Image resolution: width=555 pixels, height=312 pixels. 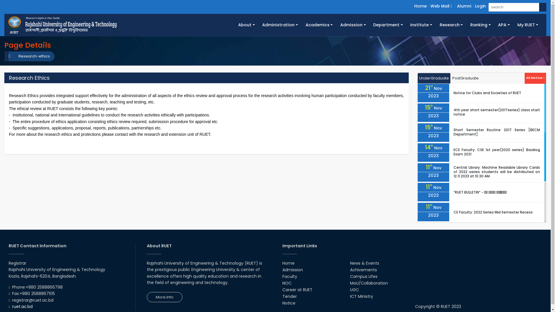 What do you see at coordinates (31, 56) in the screenshot?
I see `'Research-ethics'` at bounding box center [31, 56].